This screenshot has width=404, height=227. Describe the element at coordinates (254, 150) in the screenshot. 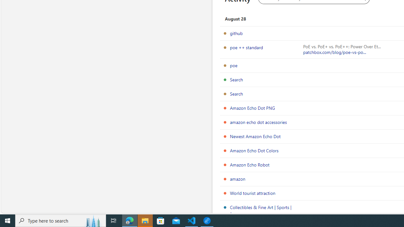

I see `'Amazon Echo Dot Colors'` at that location.